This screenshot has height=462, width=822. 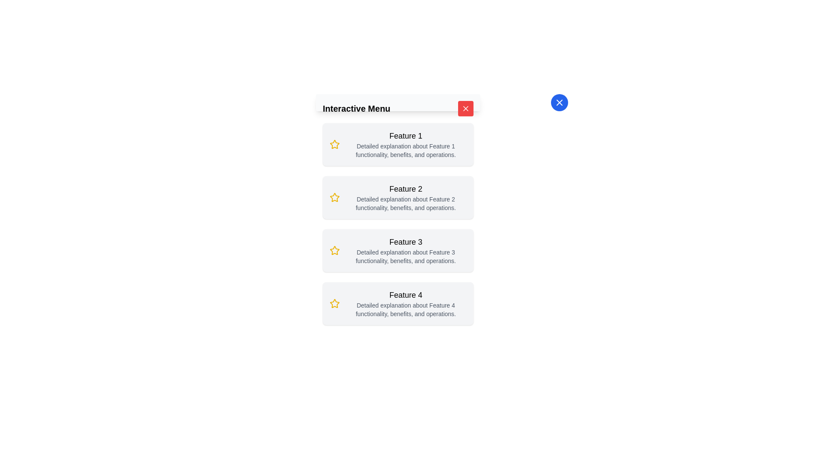 What do you see at coordinates (405, 198) in the screenshot?
I see `the Text Block labeled 'Feature 2' which is styled with a modern sans-serif font and located between 'Feature 1' and 'Feature 3'` at bounding box center [405, 198].